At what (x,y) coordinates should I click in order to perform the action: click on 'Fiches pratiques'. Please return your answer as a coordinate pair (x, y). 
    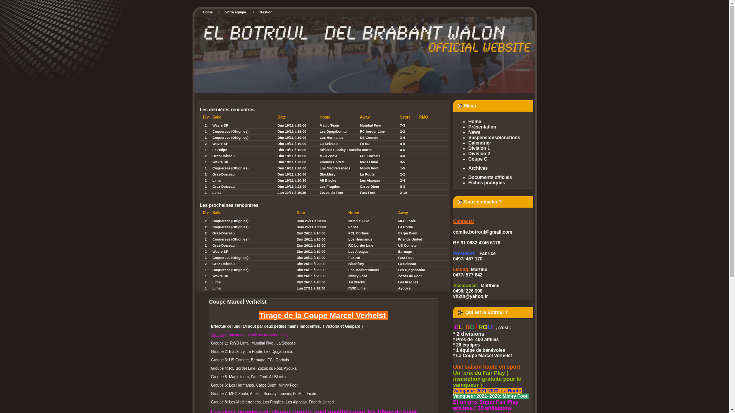
    Looking at the image, I should click on (500, 183).